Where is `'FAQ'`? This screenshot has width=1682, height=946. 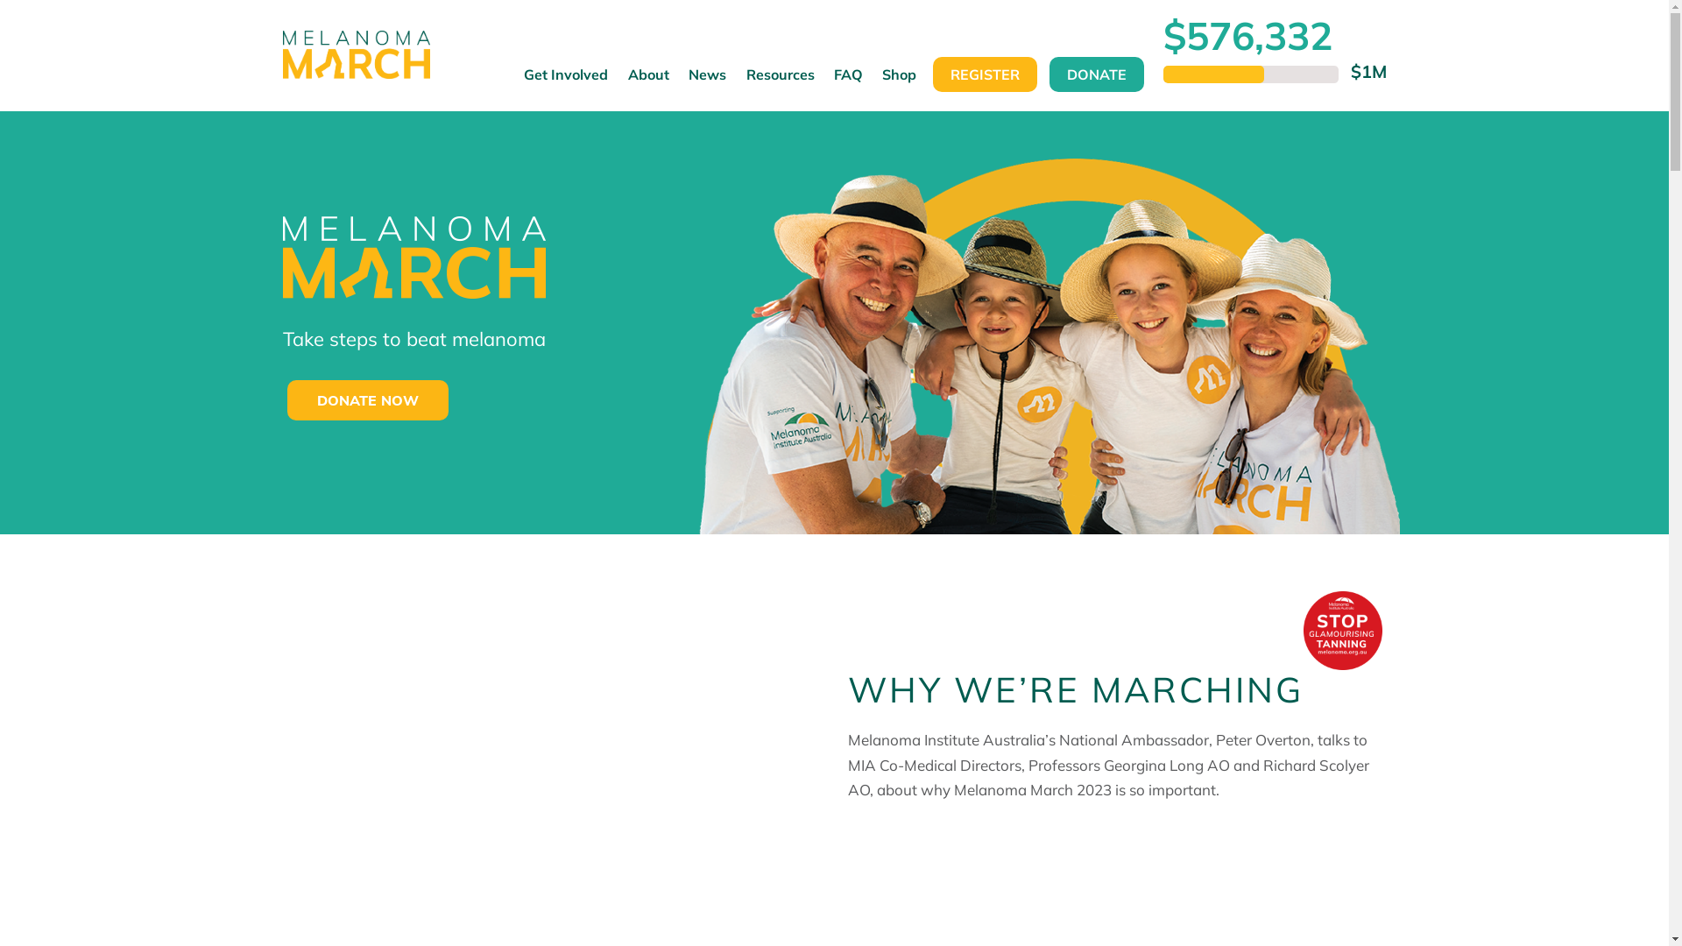
'FAQ' is located at coordinates (823, 82).